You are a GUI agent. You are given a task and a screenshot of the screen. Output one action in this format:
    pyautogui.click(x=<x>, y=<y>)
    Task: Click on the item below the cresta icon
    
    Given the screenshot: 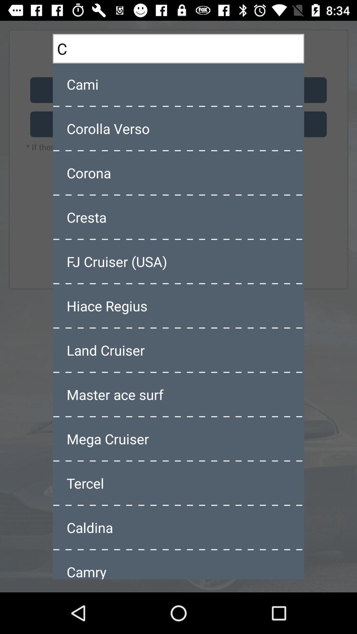 What is the action you would take?
    pyautogui.click(x=178, y=261)
    